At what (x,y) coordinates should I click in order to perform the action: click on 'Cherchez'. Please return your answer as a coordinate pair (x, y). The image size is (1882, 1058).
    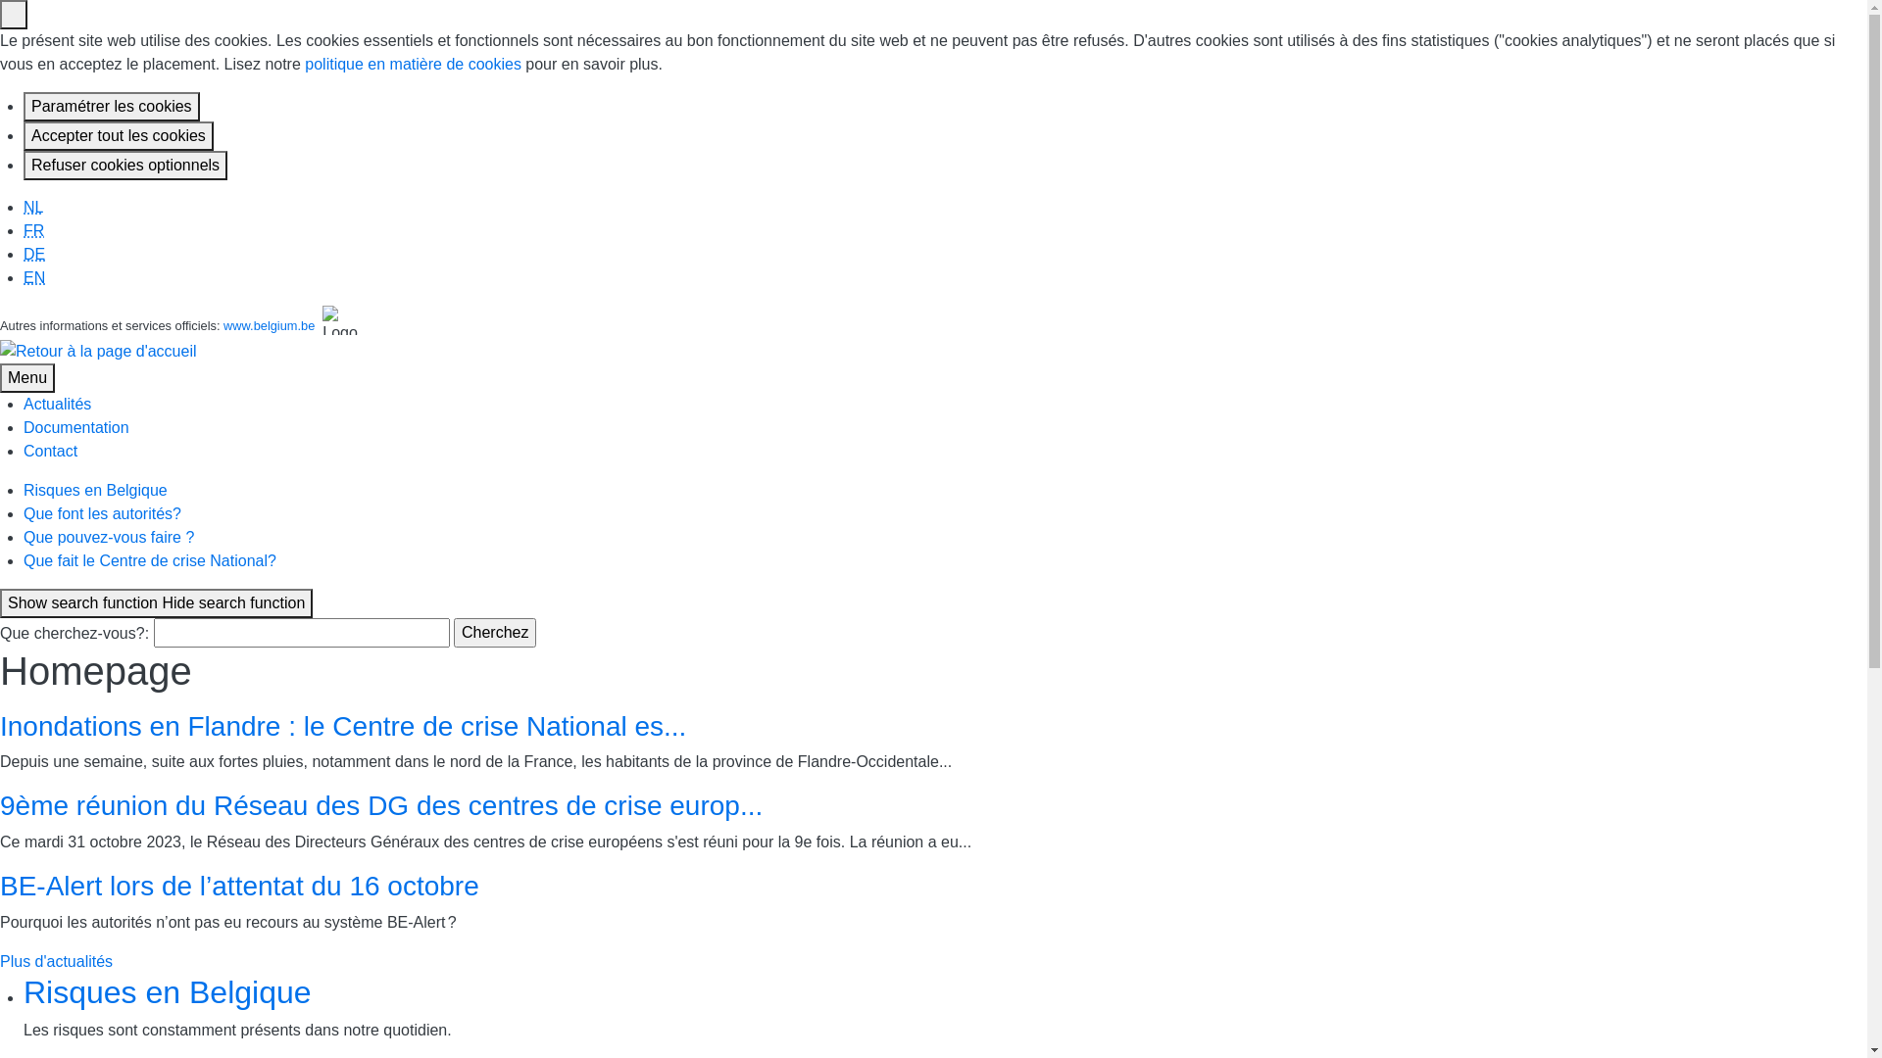
    Looking at the image, I should click on (494, 632).